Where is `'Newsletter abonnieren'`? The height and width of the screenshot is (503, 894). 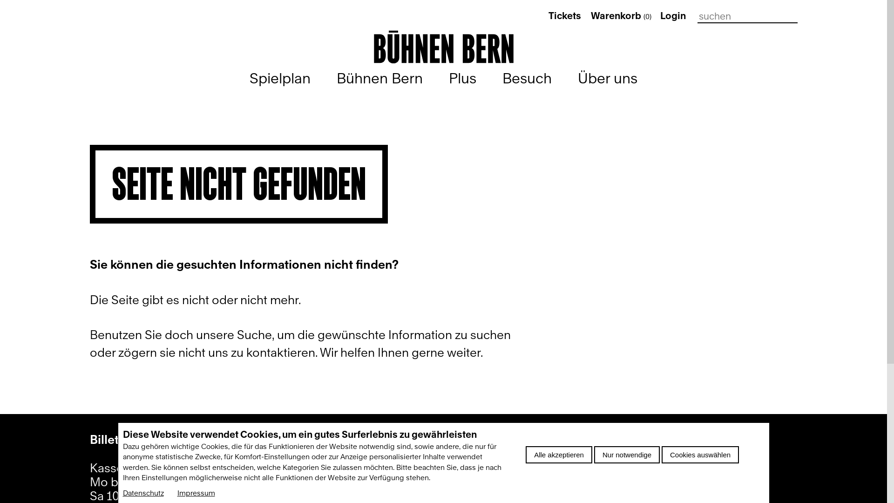 'Newsletter abonnieren' is located at coordinates (396, 441).